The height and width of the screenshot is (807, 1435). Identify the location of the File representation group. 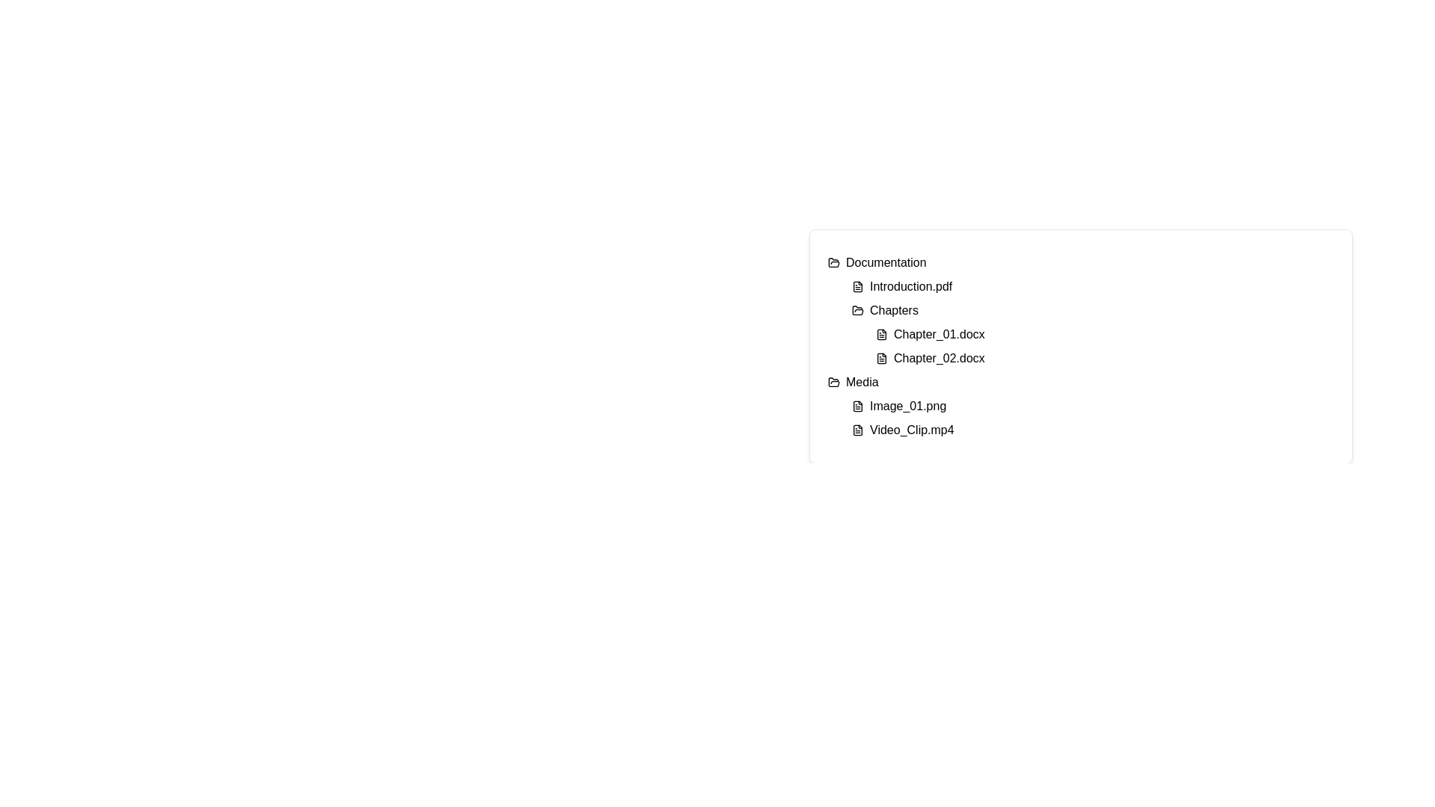
(1093, 418).